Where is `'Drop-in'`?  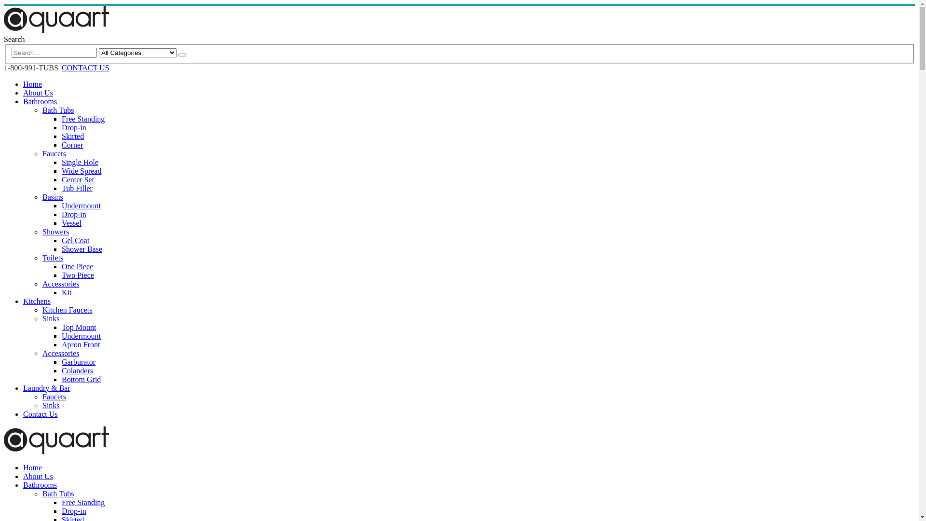
'Drop-in' is located at coordinates (61, 510).